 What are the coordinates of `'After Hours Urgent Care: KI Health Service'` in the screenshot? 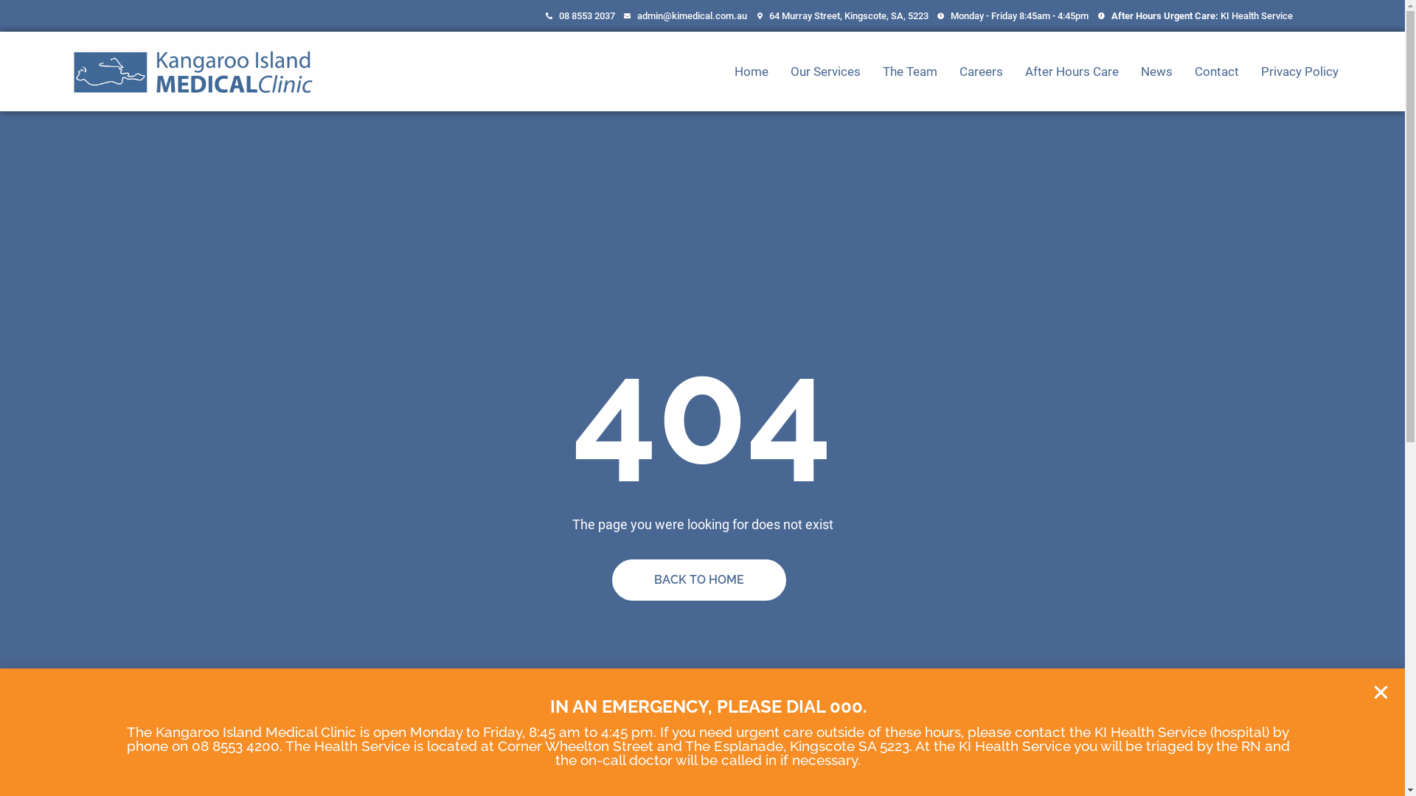 It's located at (1193, 16).